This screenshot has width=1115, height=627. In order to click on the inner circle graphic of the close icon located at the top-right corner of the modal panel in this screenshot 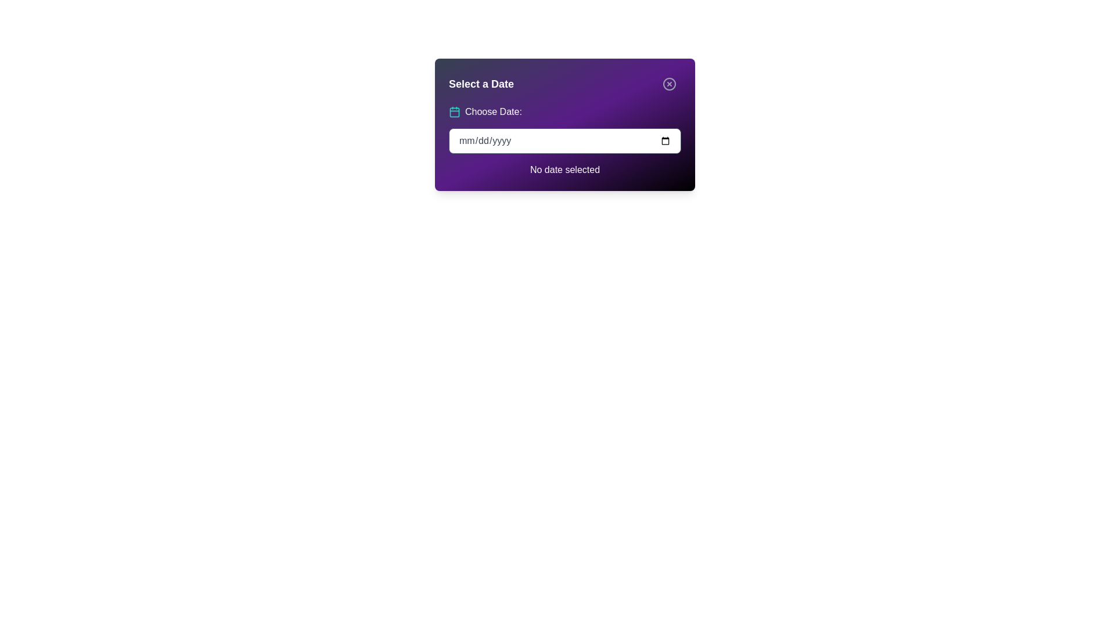, I will do `click(669, 84)`.